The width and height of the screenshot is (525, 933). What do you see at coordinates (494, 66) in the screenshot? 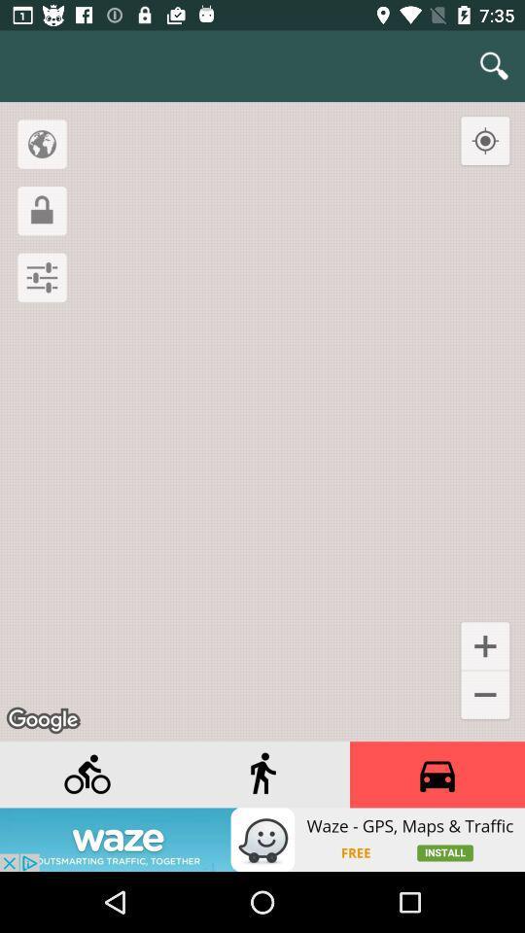
I see `search` at bounding box center [494, 66].